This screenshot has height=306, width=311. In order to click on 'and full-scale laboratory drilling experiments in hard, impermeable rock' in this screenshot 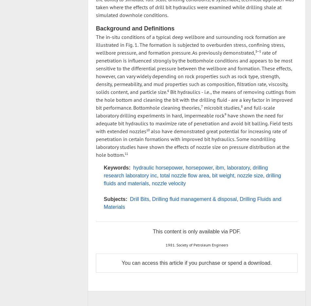, I will do `click(185, 111)`.